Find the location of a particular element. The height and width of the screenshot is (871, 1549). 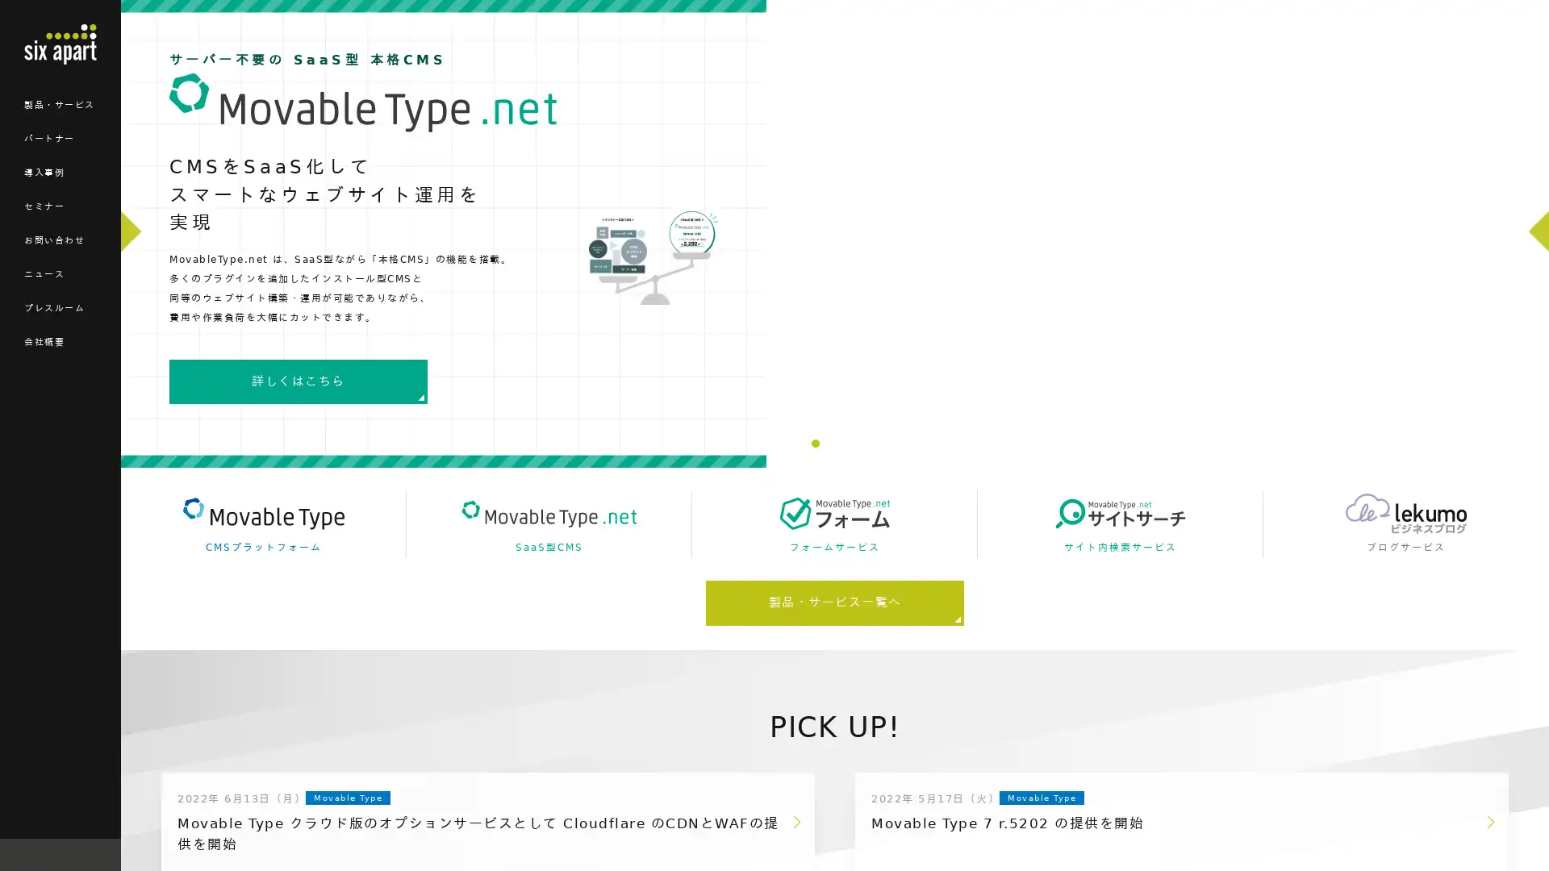

3 is located at coordinates (840, 444).